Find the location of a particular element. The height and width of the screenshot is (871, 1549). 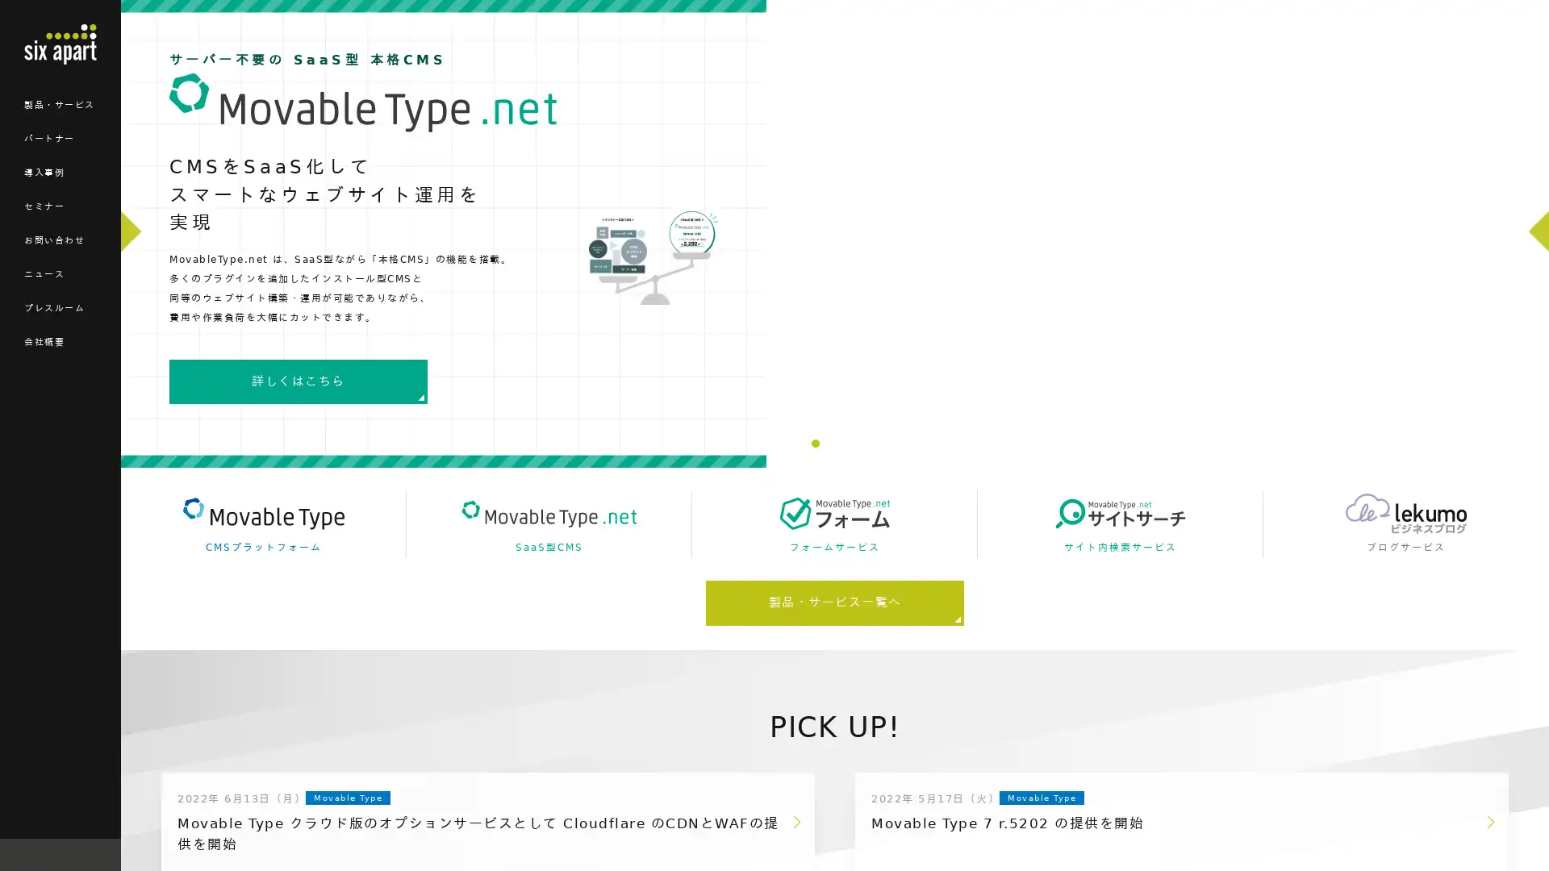

3 is located at coordinates (840, 444).